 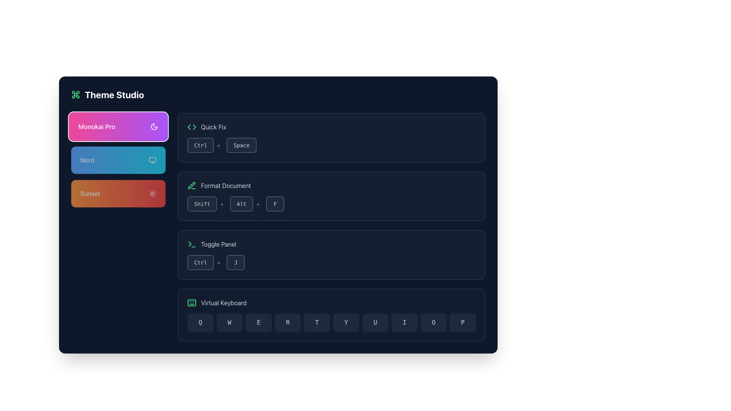 What do you see at coordinates (346, 323) in the screenshot?
I see `the 'Y' key on the virtual keyboard` at bounding box center [346, 323].